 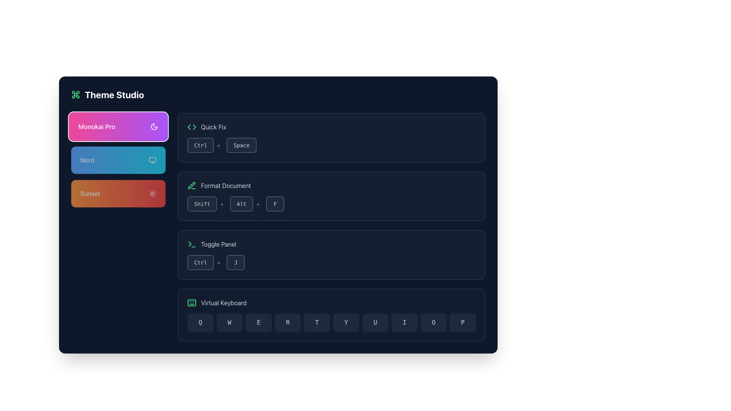 What do you see at coordinates (346, 323) in the screenshot?
I see `the 'Y' key on the virtual keyboard` at bounding box center [346, 323].